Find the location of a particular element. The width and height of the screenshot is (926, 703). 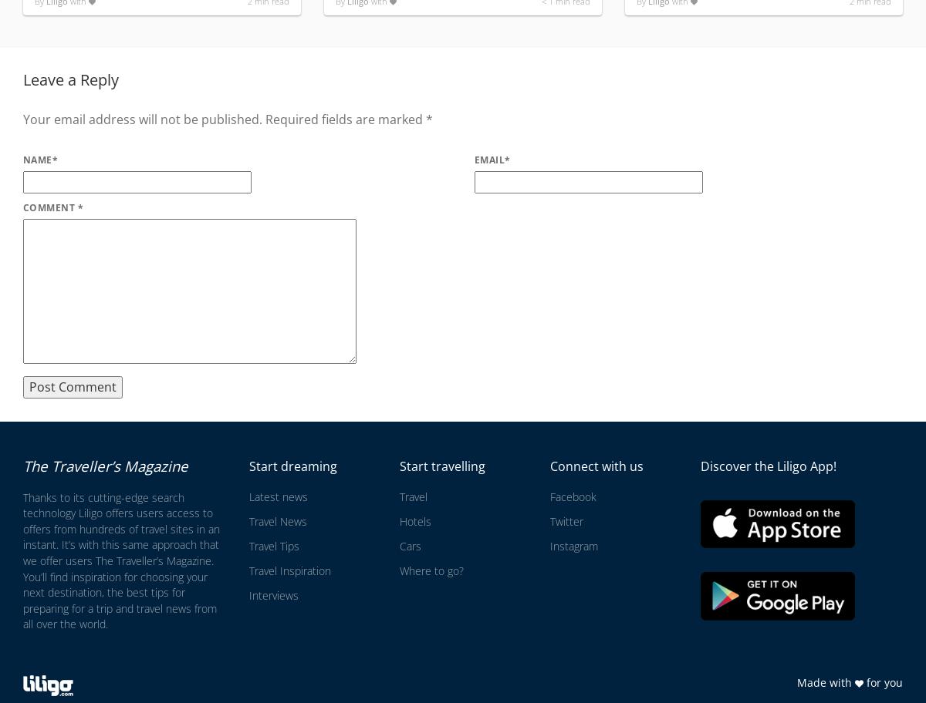

'Your email address will not be published.' is located at coordinates (142, 119).